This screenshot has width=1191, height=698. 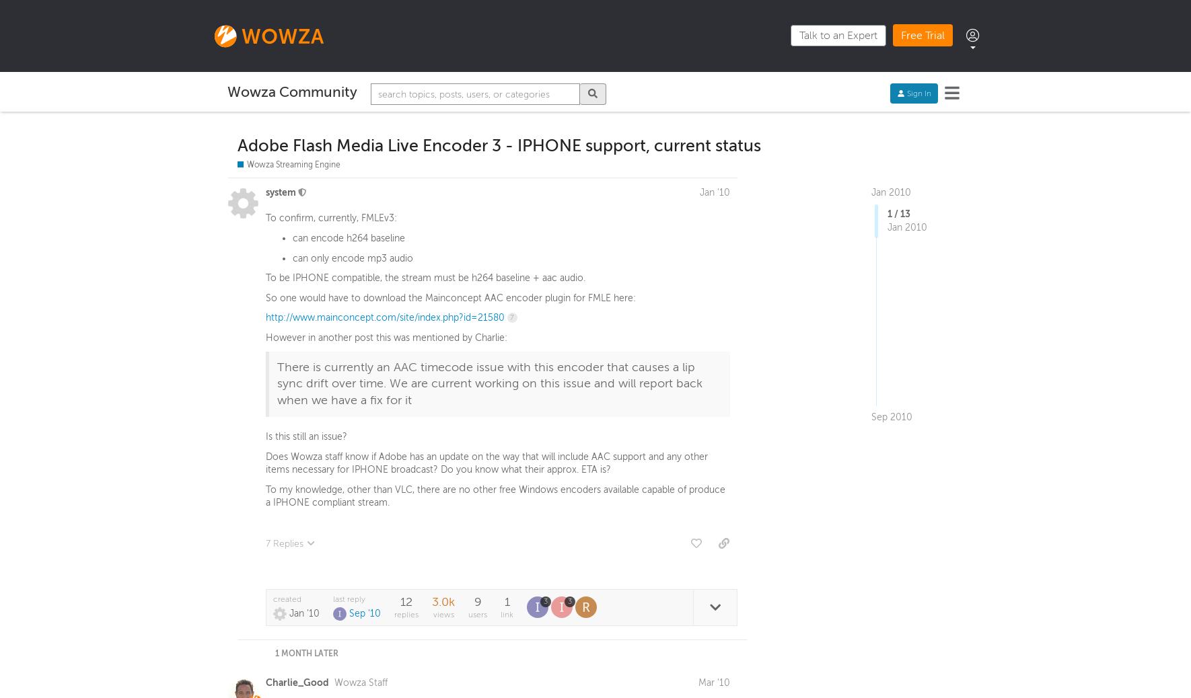 I want to click on 'Does Wowza staff know if Adobe has an update on the way that will include AAC support and any other items necessary for IPHONE broadcast? Do you know what their approx. ETA is?', so click(x=486, y=465).